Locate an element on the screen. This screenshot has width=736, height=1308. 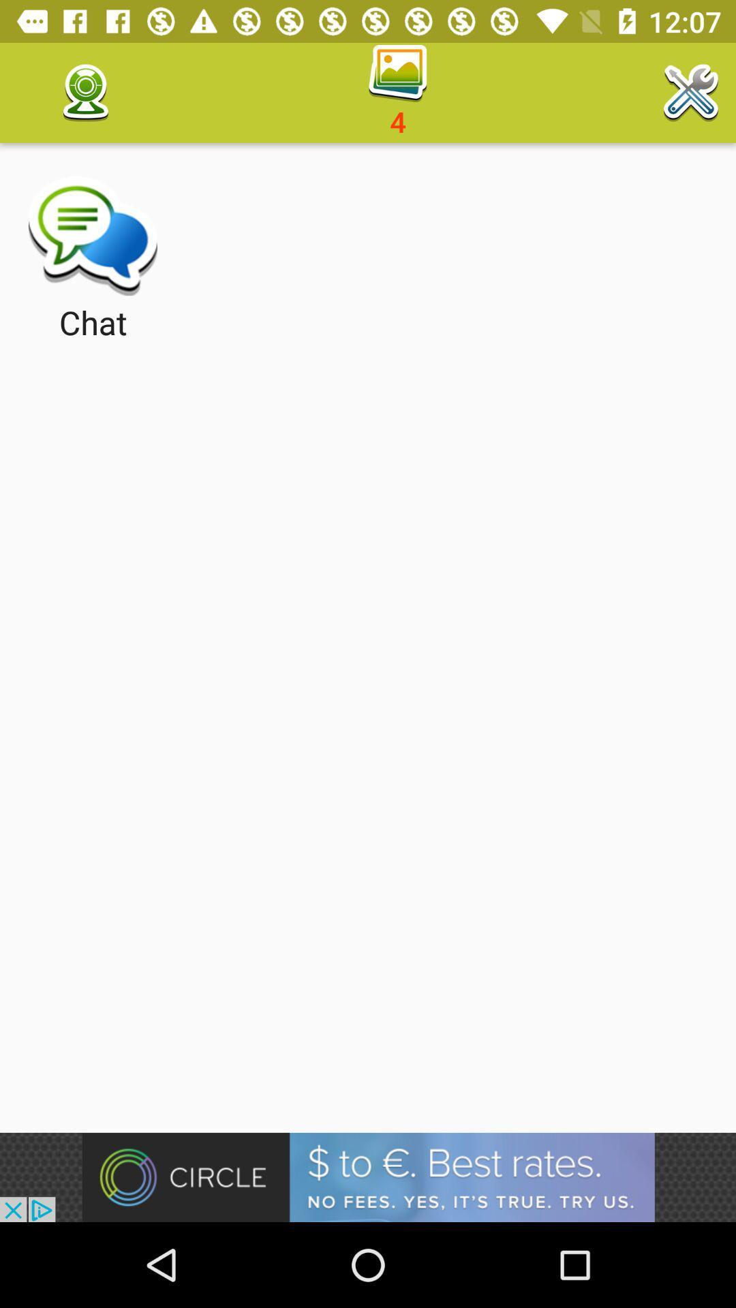
advertisement is located at coordinates (368, 1177).